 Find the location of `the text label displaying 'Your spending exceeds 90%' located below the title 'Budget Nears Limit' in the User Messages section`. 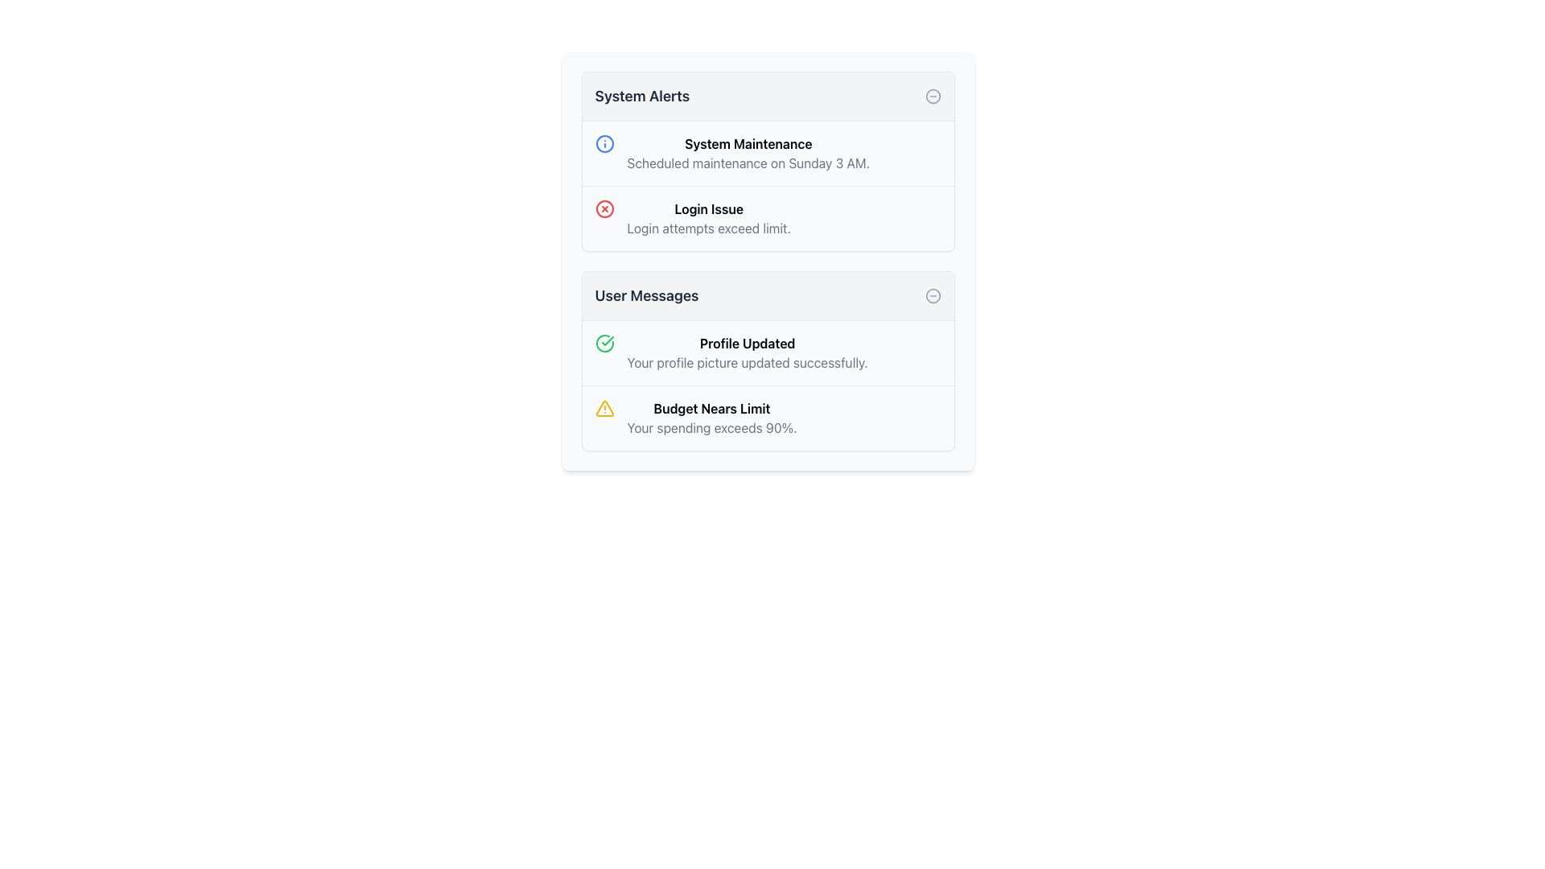

the text label displaying 'Your spending exceeds 90%' located below the title 'Budget Nears Limit' in the User Messages section is located at coordinates (711, 427).